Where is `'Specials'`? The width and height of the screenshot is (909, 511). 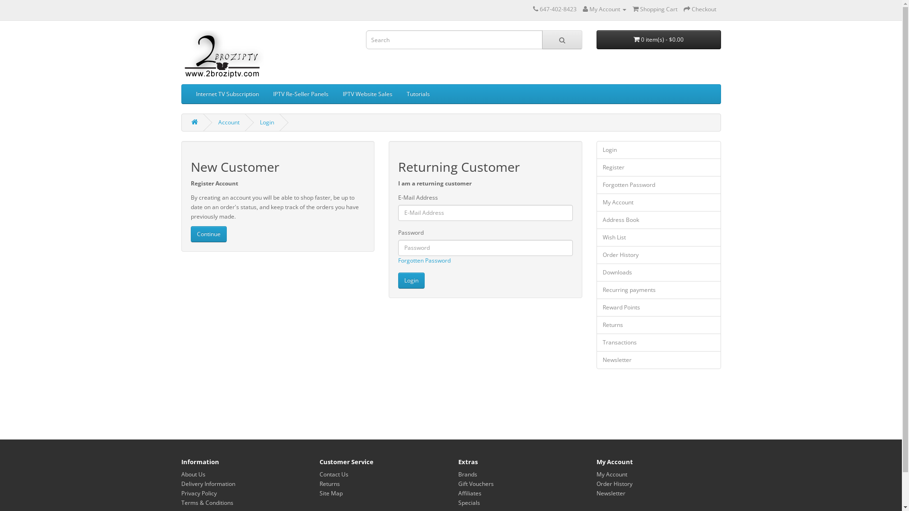
'Specials' is located at coordinates (469, 502).